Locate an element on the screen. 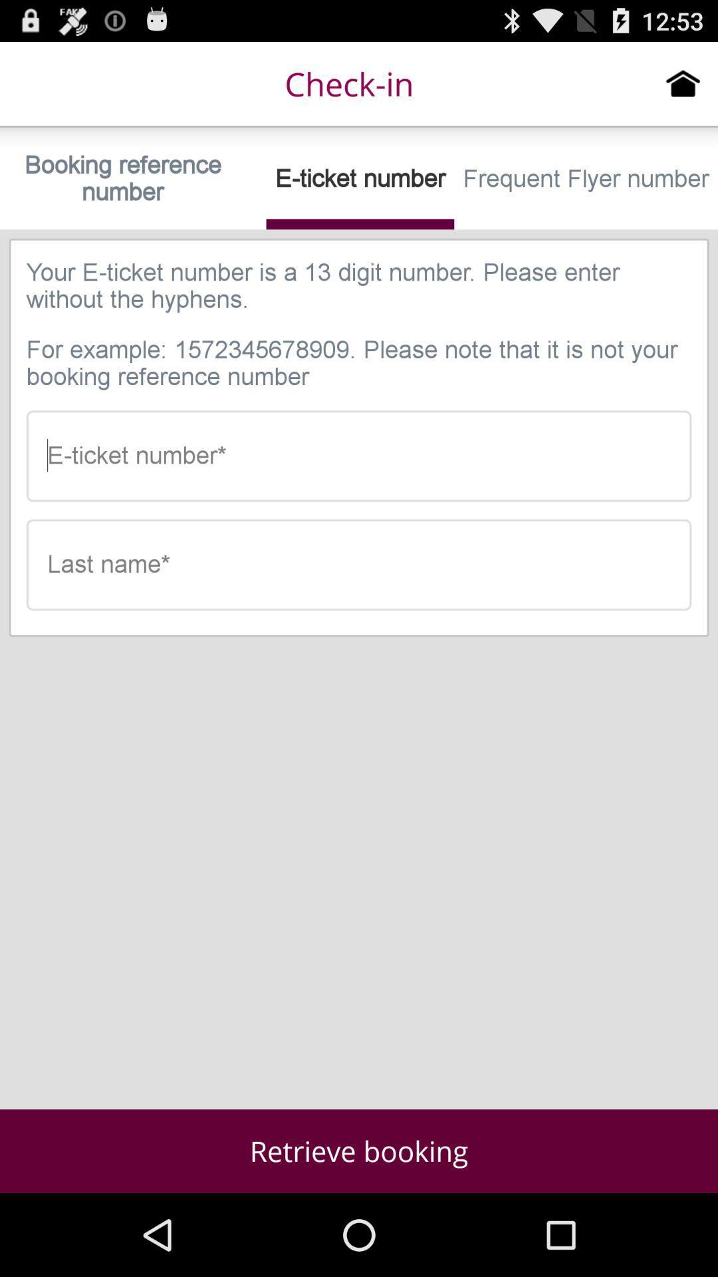 The height and width of the screenshot is (1277, 718). home screen is located at coordinates (683, 82).